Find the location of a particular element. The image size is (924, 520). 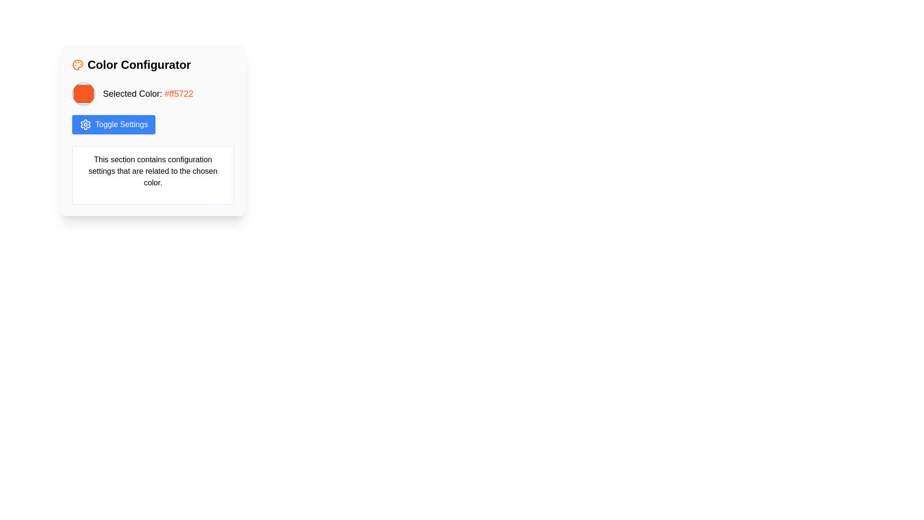

color information from the text label located in the 'Color Configurator' section, positioned between the circular color preview and the 'Toggle Settings' button is located at coordinates (147, 94).